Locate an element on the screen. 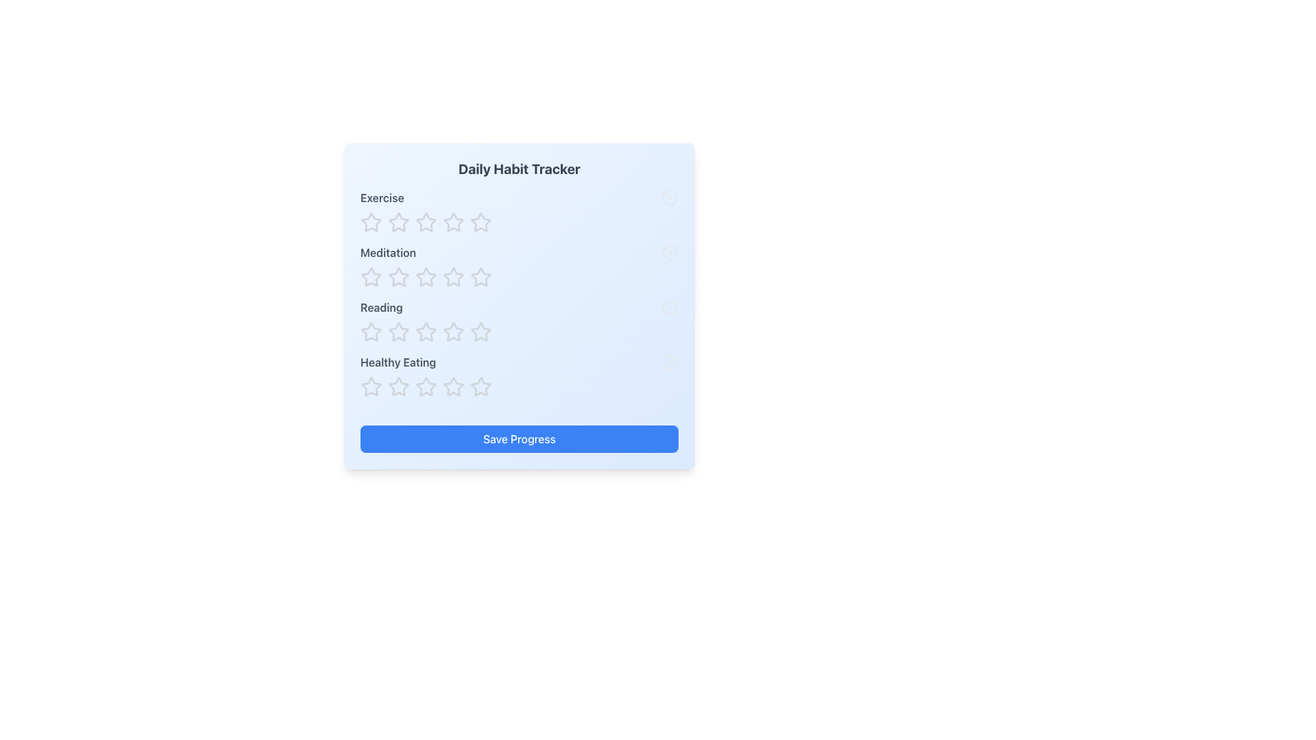 The image size is (1316, 740). the fifth hollow star icon in gray color under the 'Exercise' category in the 'Daily Habit Tracker' UI panel to rate it is located at coordinates (454, 221).